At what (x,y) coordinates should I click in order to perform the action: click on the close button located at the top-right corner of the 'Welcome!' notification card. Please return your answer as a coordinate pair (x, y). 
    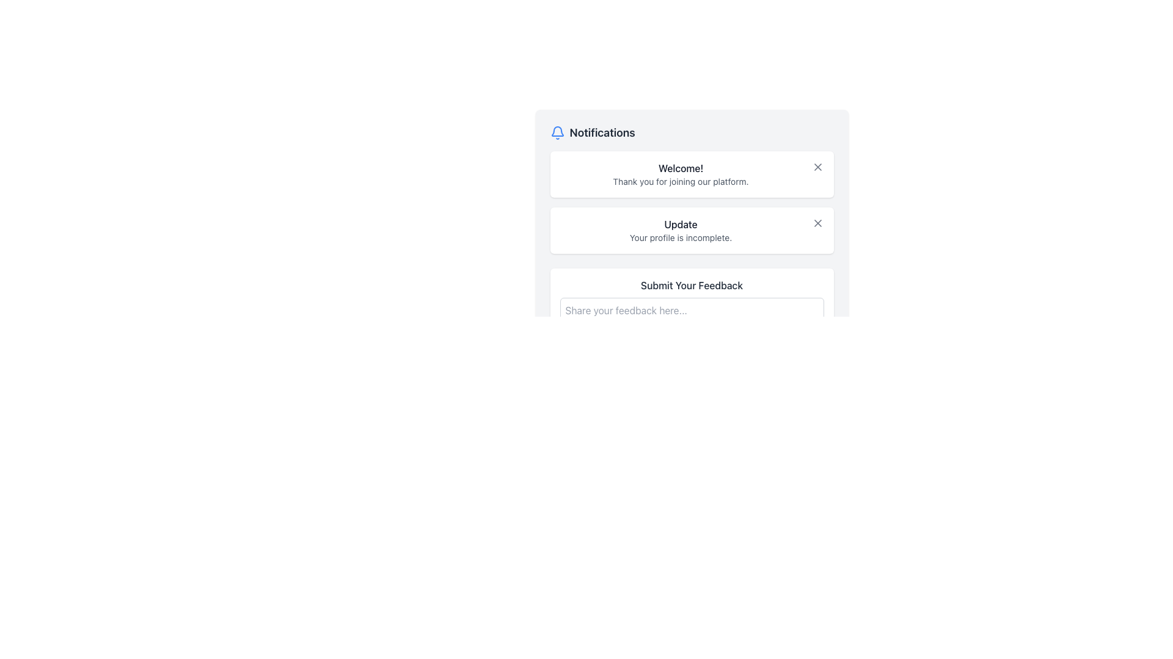
    Looking at the image, I should click on (817, 167).